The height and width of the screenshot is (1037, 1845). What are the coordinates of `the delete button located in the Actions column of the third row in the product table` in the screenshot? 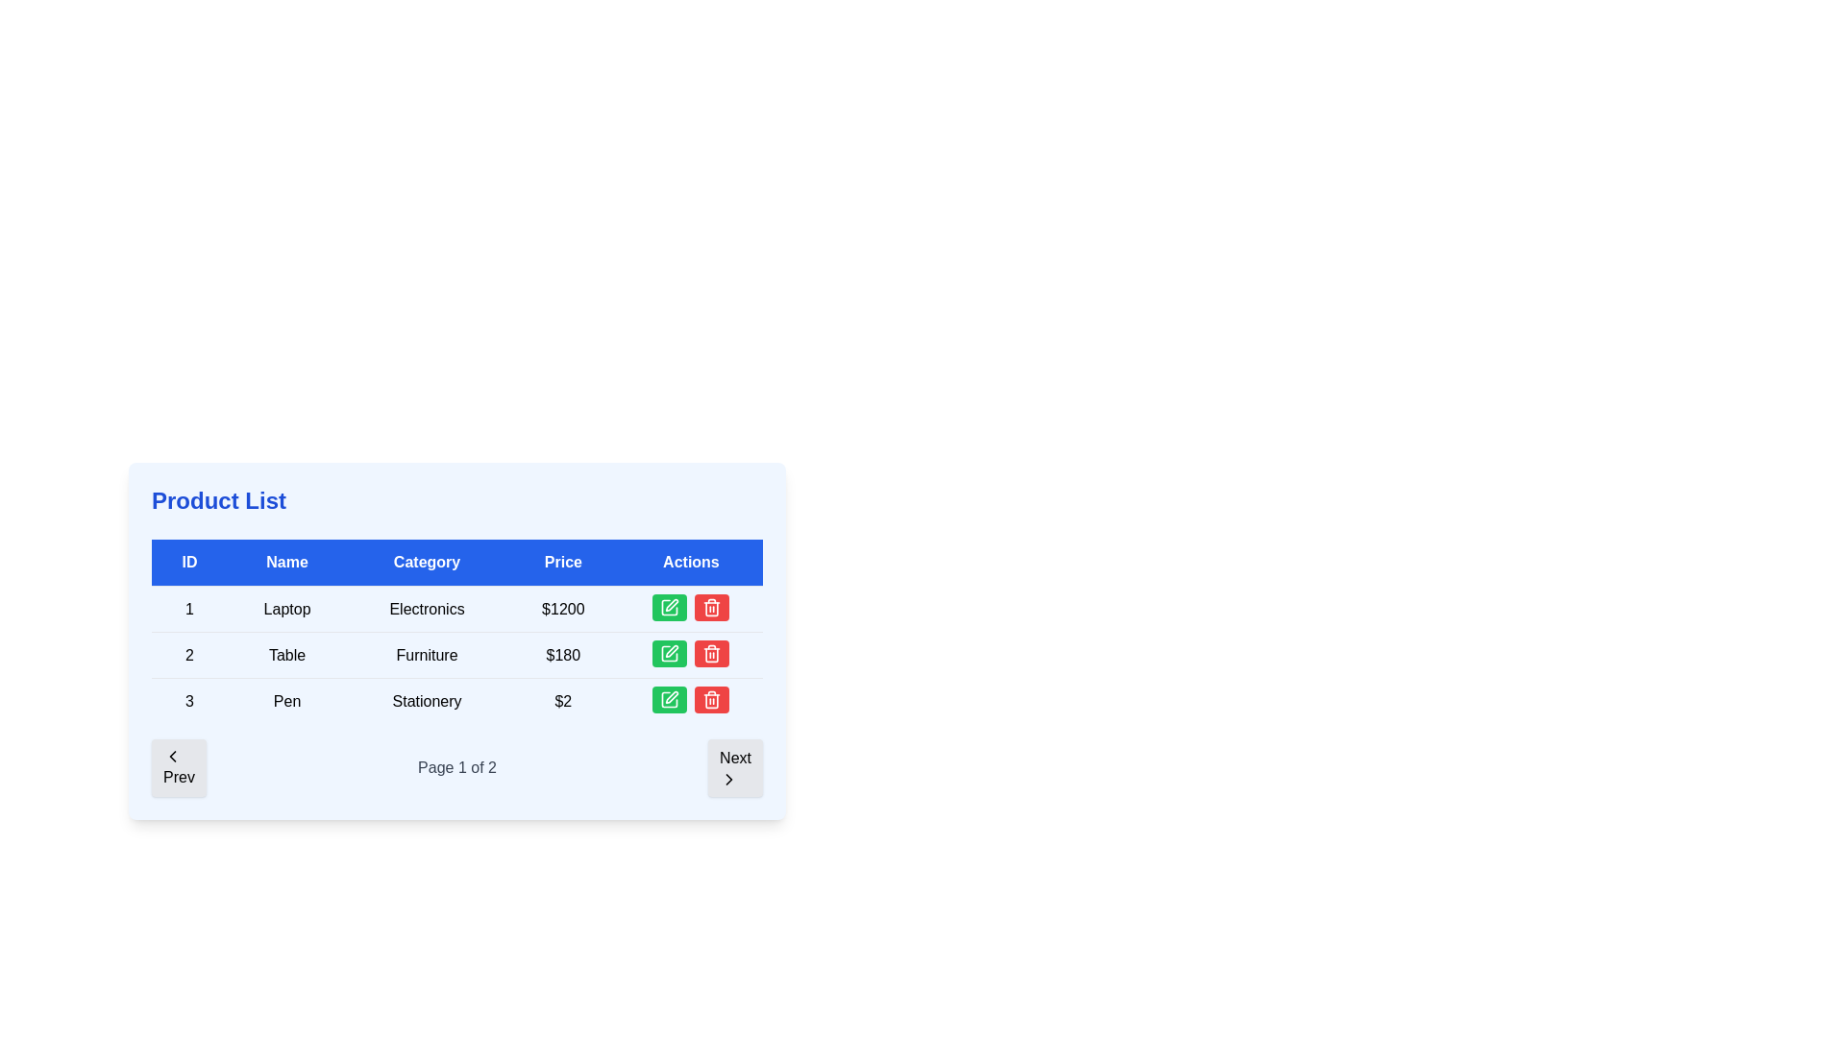 It's located at (711, 607).